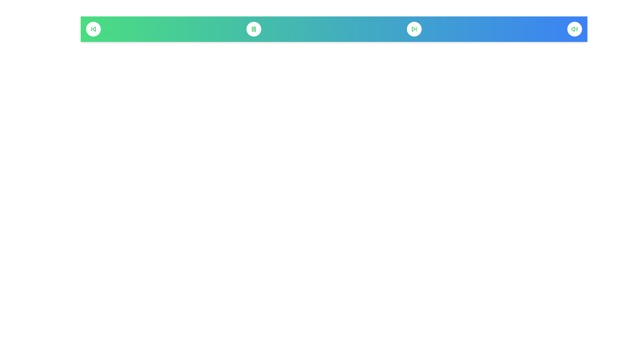 This screenshot has height=362, width=643. I want to click on the 'Skip Back' button to skip to the previous track, so click(93, 29).